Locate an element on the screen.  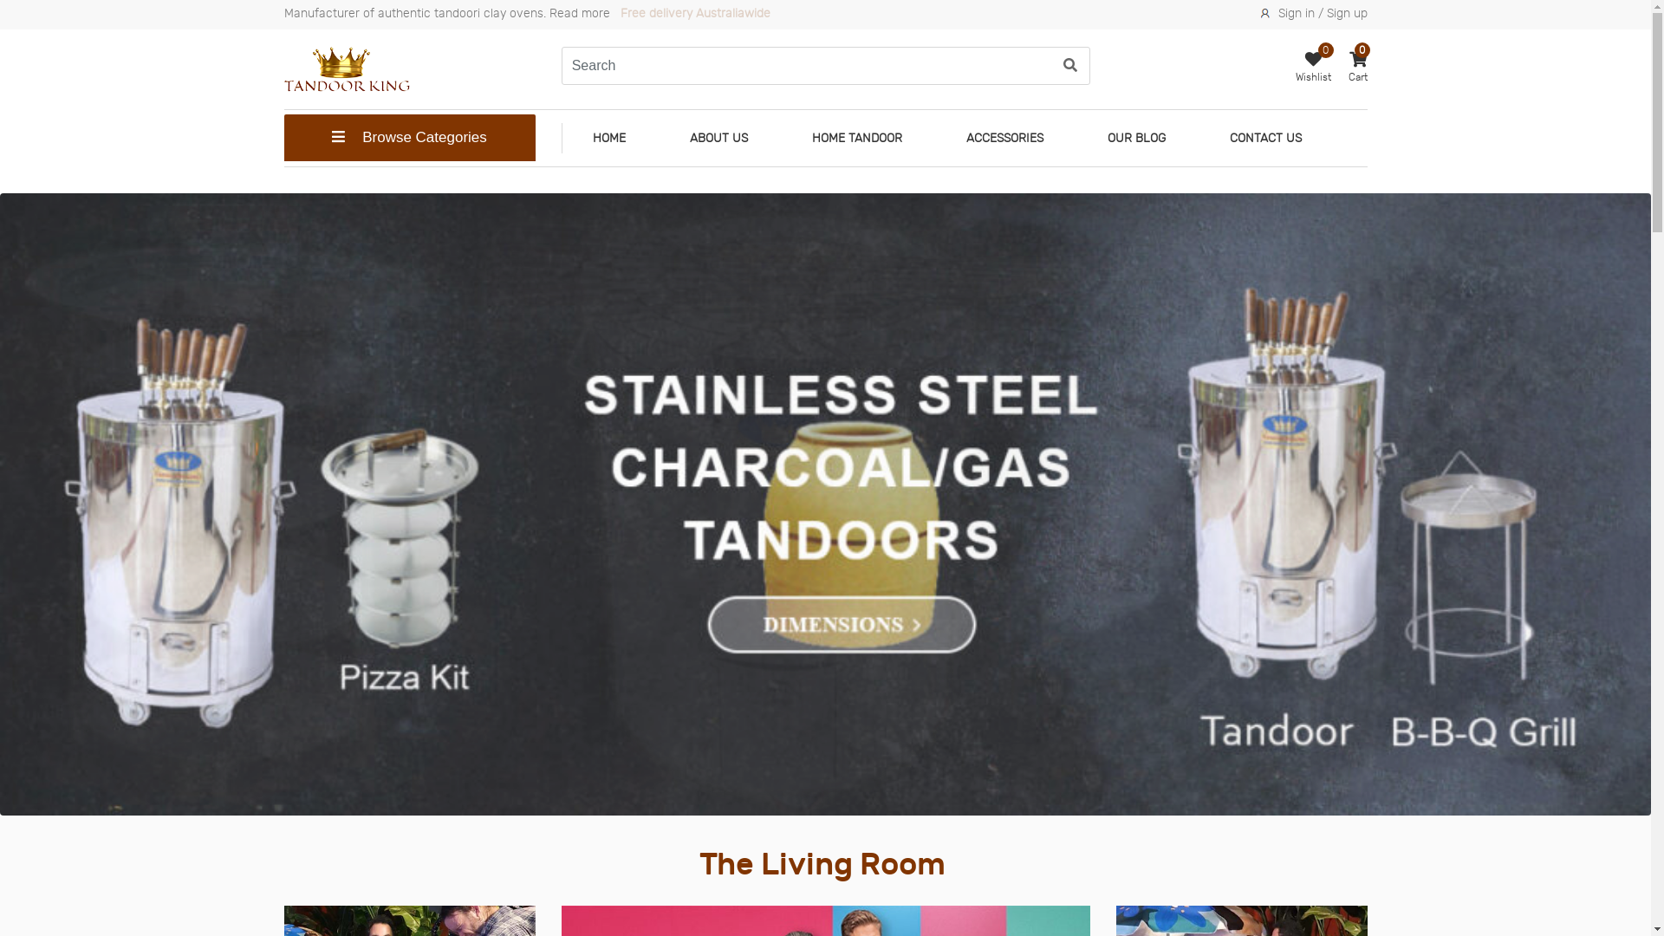
'banner3' is located at coordinates (824, 504).